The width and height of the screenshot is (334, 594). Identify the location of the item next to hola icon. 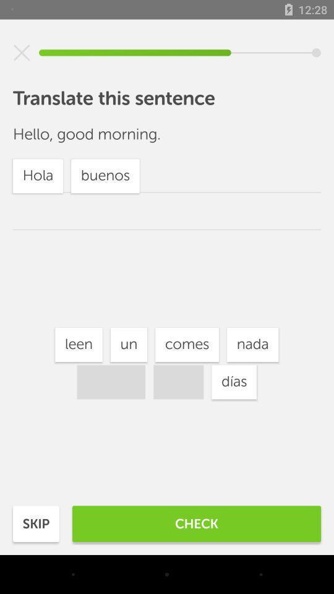
(128, 345).